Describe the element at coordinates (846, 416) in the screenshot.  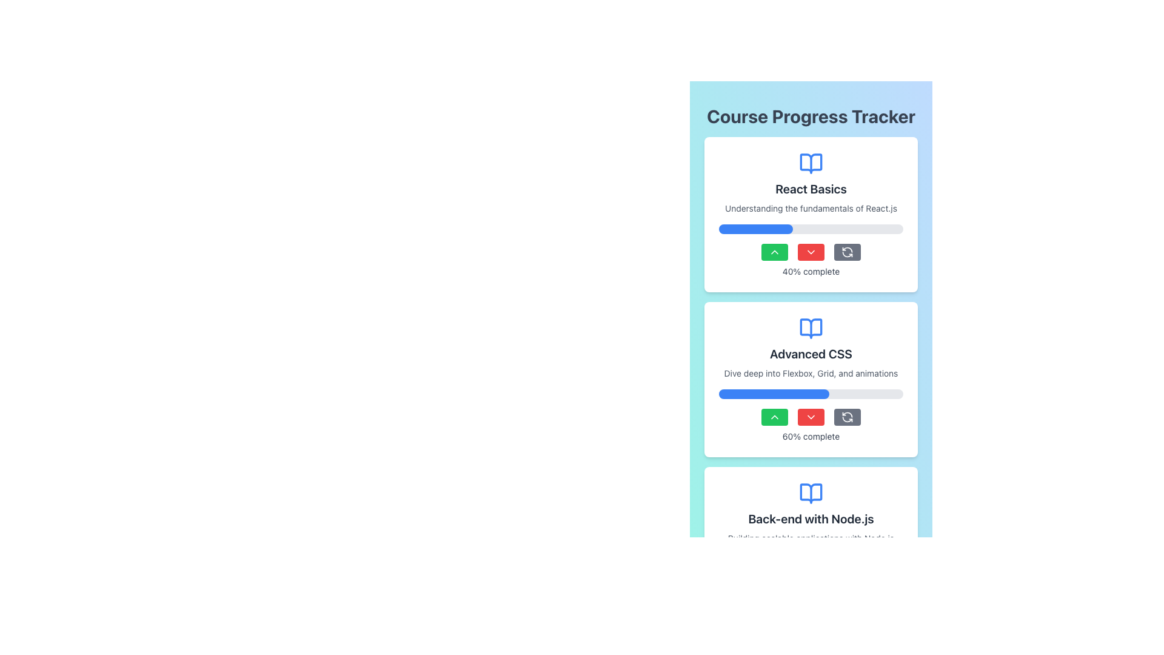
I see `the refresh icon button located at the rightmost position in the row of three icons below the progress bar for the 'React Basics' course` at that location.